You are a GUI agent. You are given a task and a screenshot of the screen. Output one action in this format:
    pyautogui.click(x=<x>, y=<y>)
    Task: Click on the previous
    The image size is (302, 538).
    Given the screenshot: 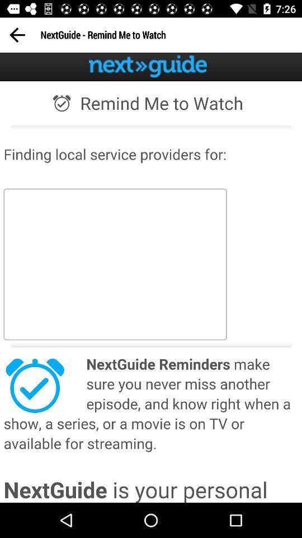 What is the action you would take?
    pyautogui.click(x=16, y=35)
    